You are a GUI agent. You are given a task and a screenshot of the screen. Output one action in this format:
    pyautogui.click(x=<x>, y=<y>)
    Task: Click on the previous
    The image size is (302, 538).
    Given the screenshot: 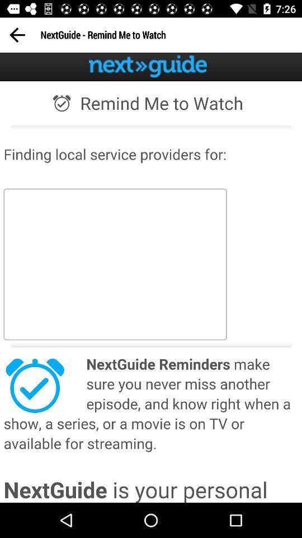 What is the action you would take?
    pyautogui.click(x=16, y=35)
    